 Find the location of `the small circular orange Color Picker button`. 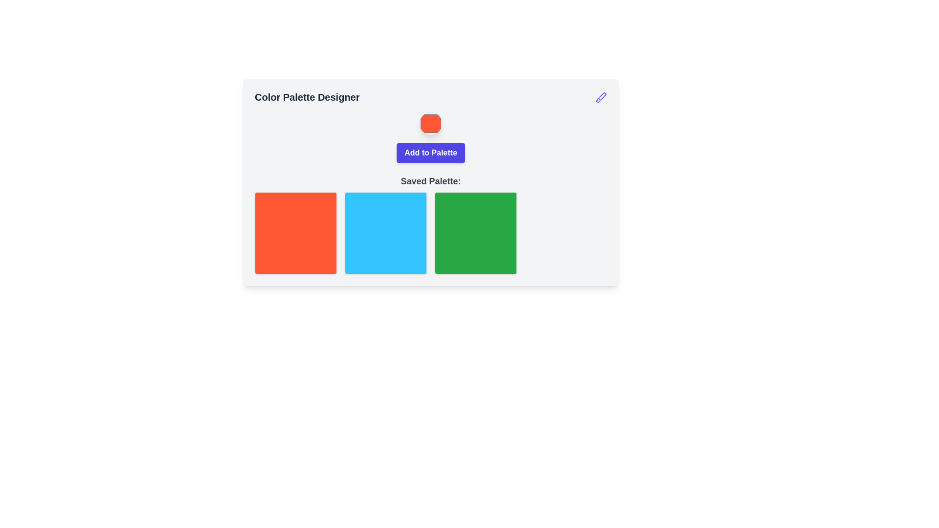

the small circular orange Color Picker button is located at coordinates (430, 123).